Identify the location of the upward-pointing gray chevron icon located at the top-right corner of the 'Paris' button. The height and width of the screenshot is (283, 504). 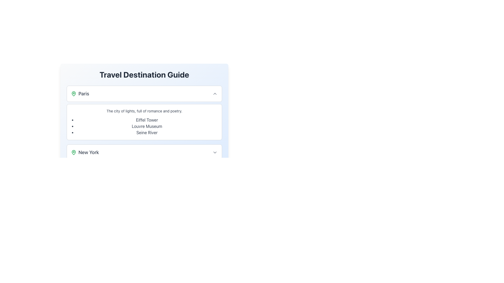
(215, 94).